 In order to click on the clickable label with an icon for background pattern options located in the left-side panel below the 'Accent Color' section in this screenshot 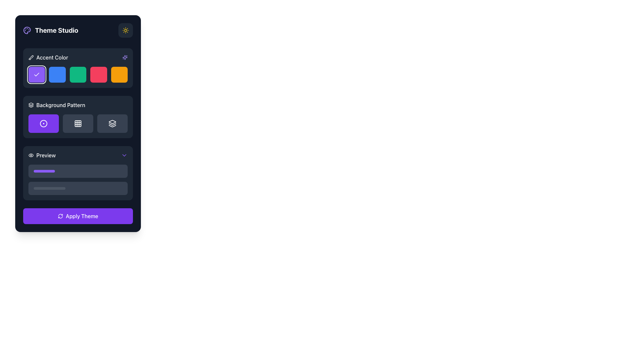, I will do `click(57, 104)`.